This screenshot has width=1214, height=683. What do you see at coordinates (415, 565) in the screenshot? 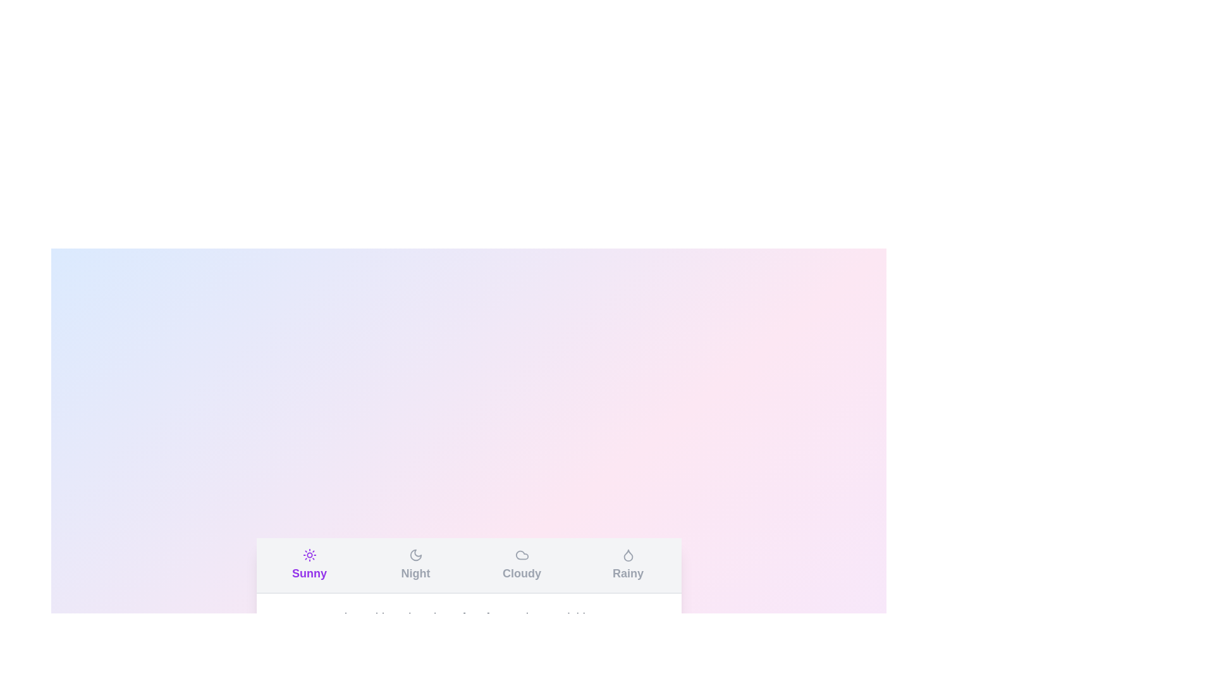
I see `the tab labeled Night to observe the hover effect` at bounding box center [415, 565].